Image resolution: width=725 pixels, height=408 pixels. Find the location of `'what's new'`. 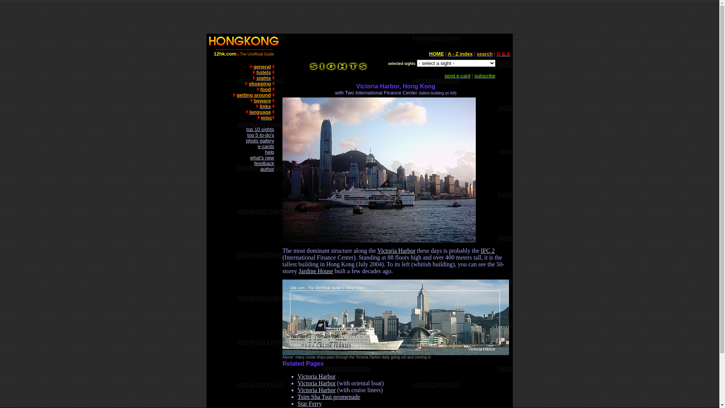

'what's new' is located at coordinates (262, 157).